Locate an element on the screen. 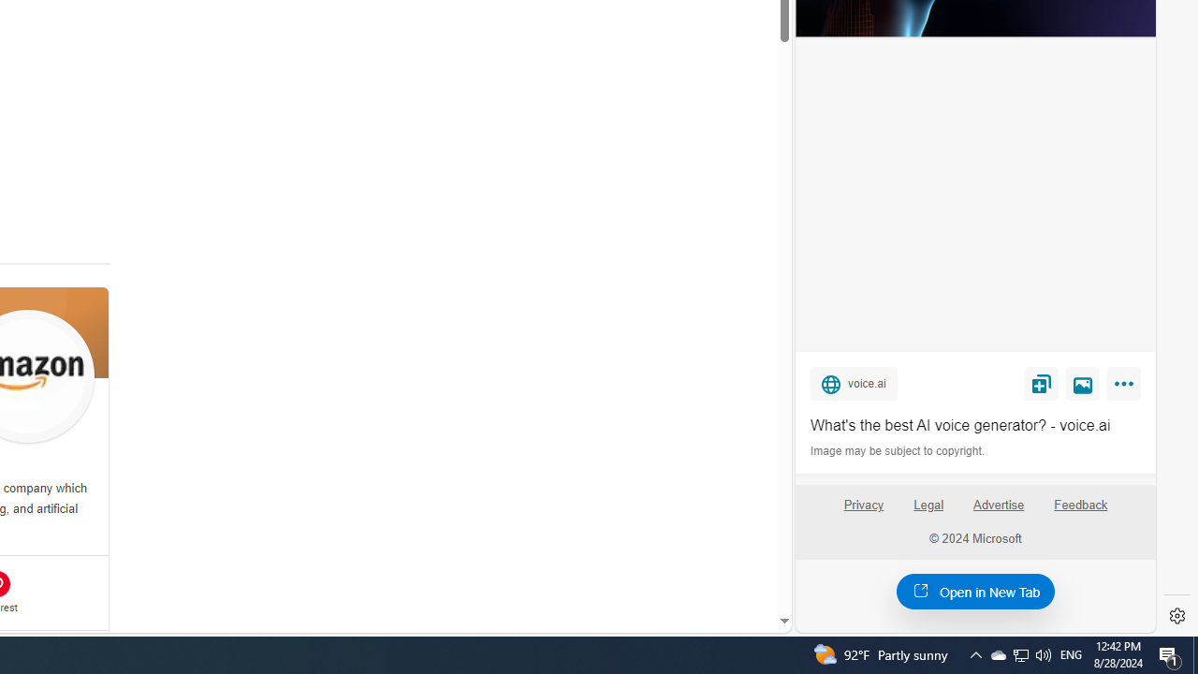 This screenshot has height=674, width=1198. 'Privacy' is located at coordinates (862, 504).